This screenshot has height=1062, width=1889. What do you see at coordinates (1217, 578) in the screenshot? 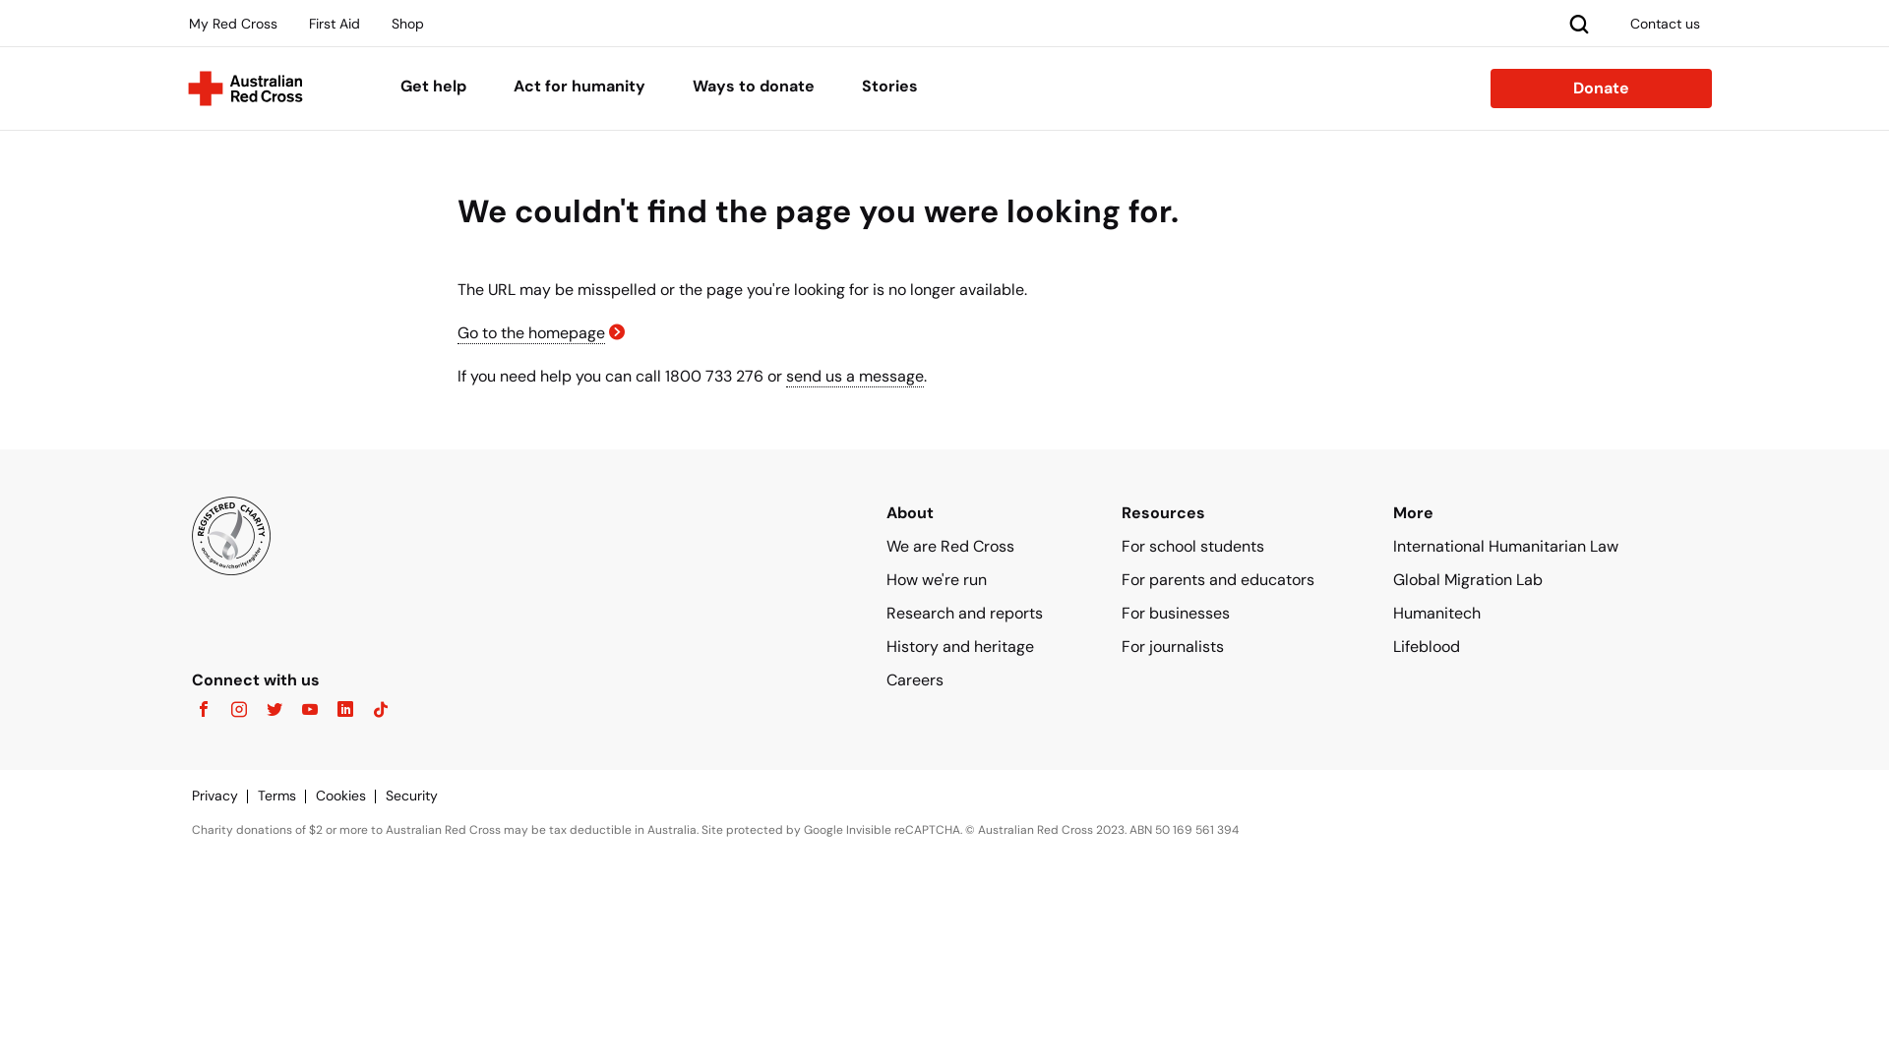
I see `'For parents and educators'` at bounding box center [1217, 578].